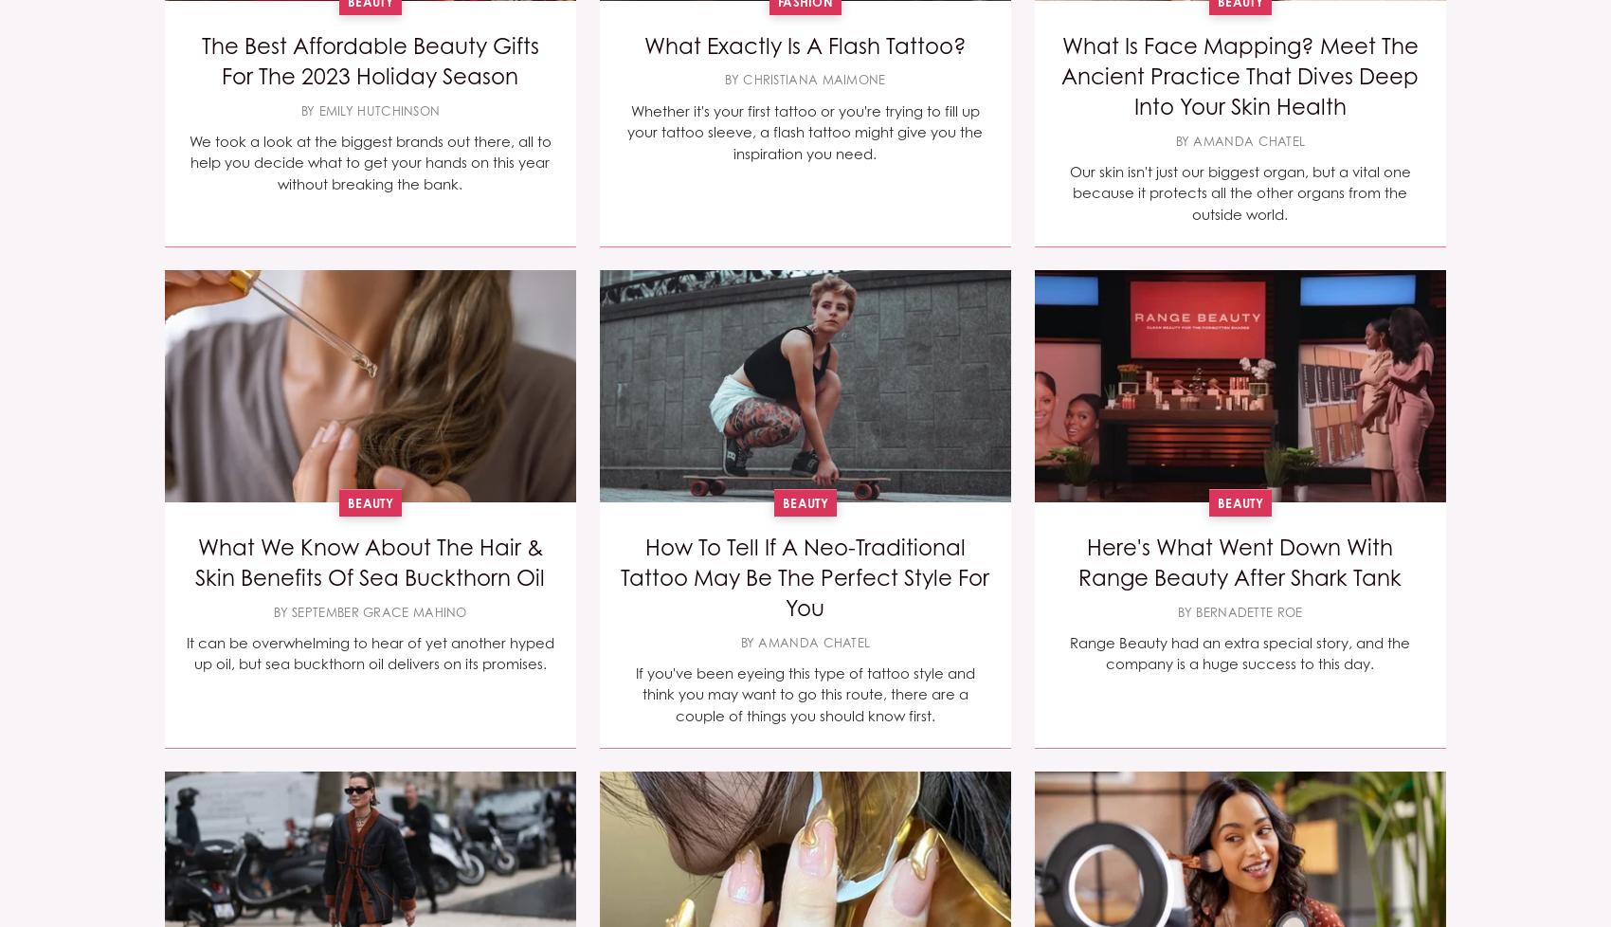  What do you see at coordinates (1240, 610) in the screenshot?
I see `'By Bernadette Roe'` at bounding box center [1240, 610].